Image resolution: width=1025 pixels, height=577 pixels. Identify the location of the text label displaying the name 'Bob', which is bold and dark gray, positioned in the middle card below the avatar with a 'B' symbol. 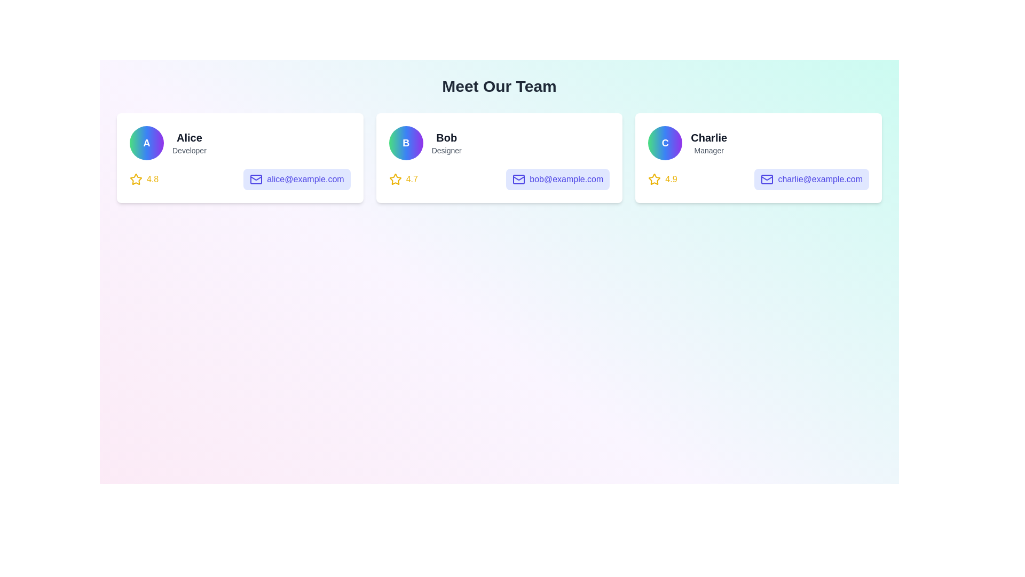
(446, 137).